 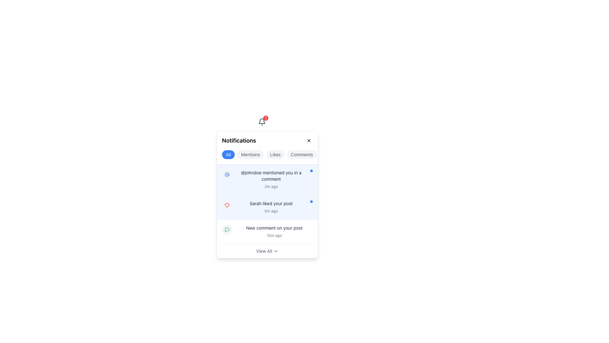 What do you see at coordinates (267, 251) in the screenshot?
I see `the 'View All' button located at the bottom of the dropdown notification menu` at bounding box center [267, 251].